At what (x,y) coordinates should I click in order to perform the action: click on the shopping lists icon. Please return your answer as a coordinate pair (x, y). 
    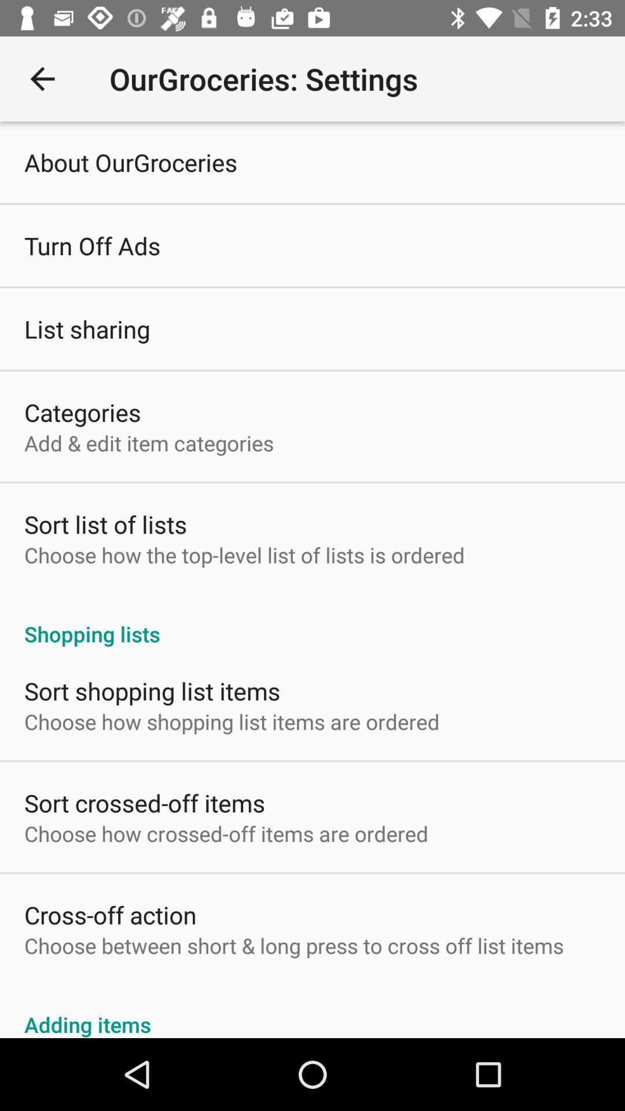
    Looking at the image, I should click on (312, 621).